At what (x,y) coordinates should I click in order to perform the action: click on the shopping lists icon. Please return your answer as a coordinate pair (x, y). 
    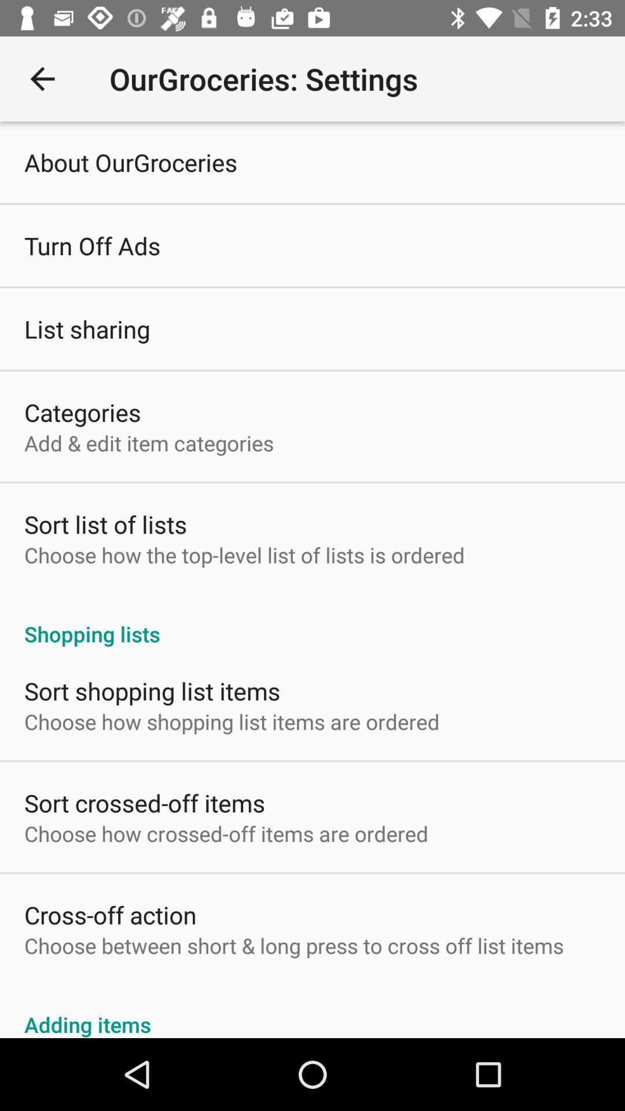
    Looking at the image, I should click on (312, 621).